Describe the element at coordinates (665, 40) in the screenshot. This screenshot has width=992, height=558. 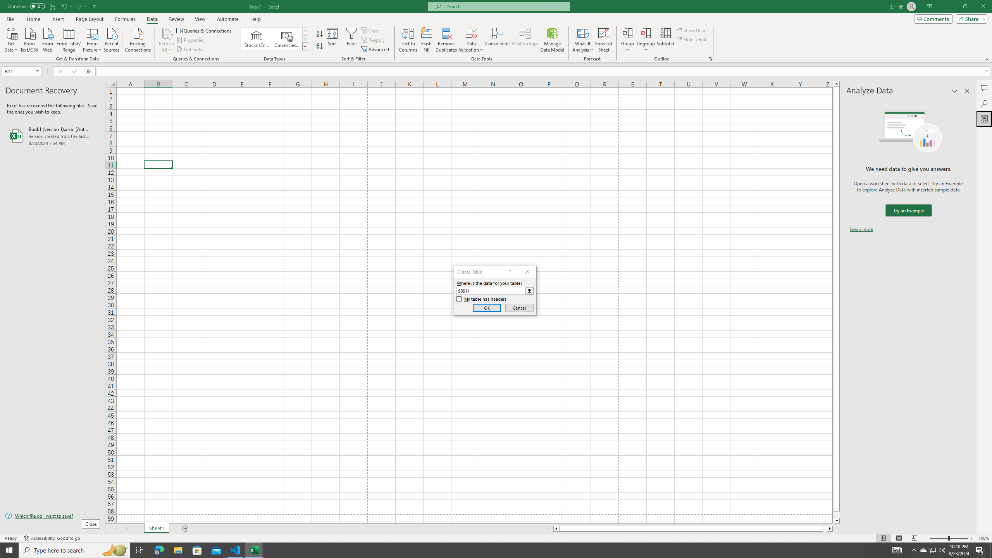
I see `'Subtotal'` at that location.